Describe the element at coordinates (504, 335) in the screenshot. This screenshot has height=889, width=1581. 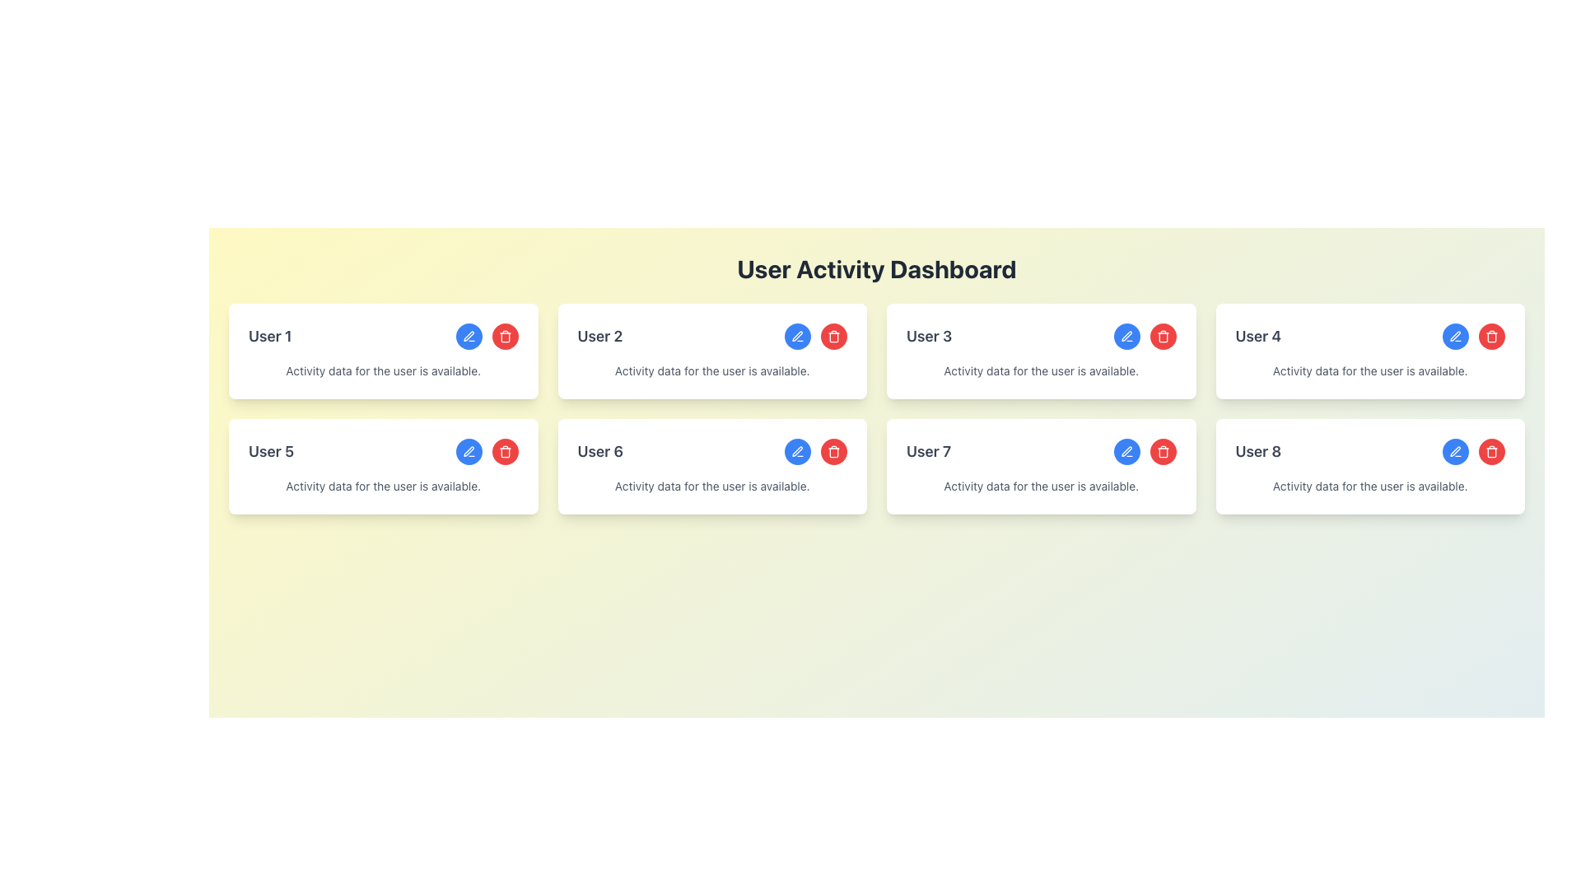
I see `the delete button located at the top-right of 'User 1's activity card to observe the background color change` at that location.